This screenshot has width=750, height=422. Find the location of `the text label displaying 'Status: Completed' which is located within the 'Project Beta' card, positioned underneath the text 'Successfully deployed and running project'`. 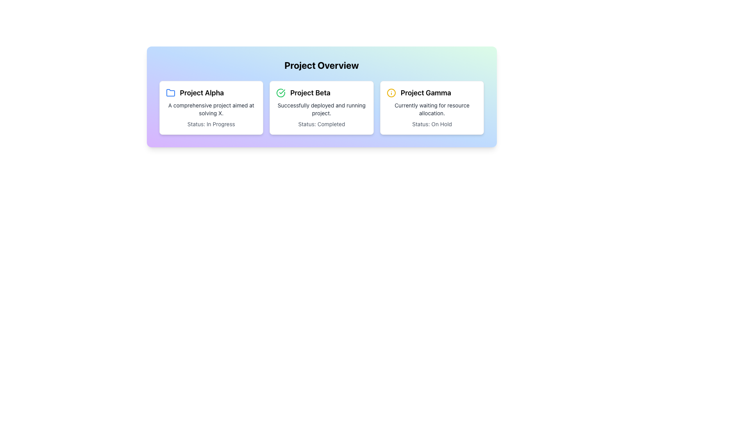

the text label displaying 'Status: Completed' which is located within the 'Project Beta' card, positioned underneath the text 'Successfully deployed and running project' is located at coordinates (321, 123).